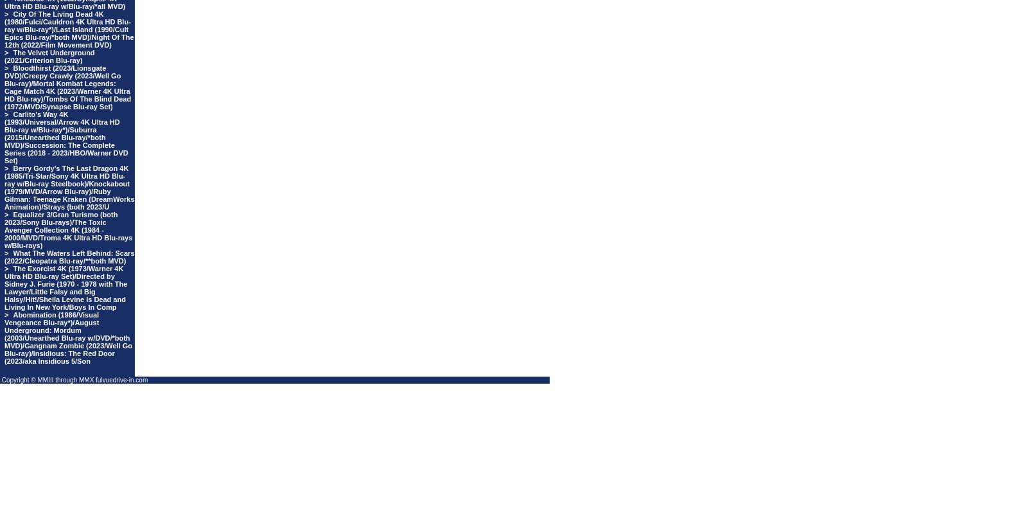 The image size is (1030, 527). Describe the element at coordinates (65, 137) in the screenshot. I see `'Carlito's Way 4K (1993/Universal/Arrow 4K Ultra HD Blu-ray w/Blu-ray*)/Suburra (2015/Unearthed Blu-ray/*both MVD)/Succession: The Complete Series (2018 - 2023/HBO/Warner DVD Set)'` at that location.